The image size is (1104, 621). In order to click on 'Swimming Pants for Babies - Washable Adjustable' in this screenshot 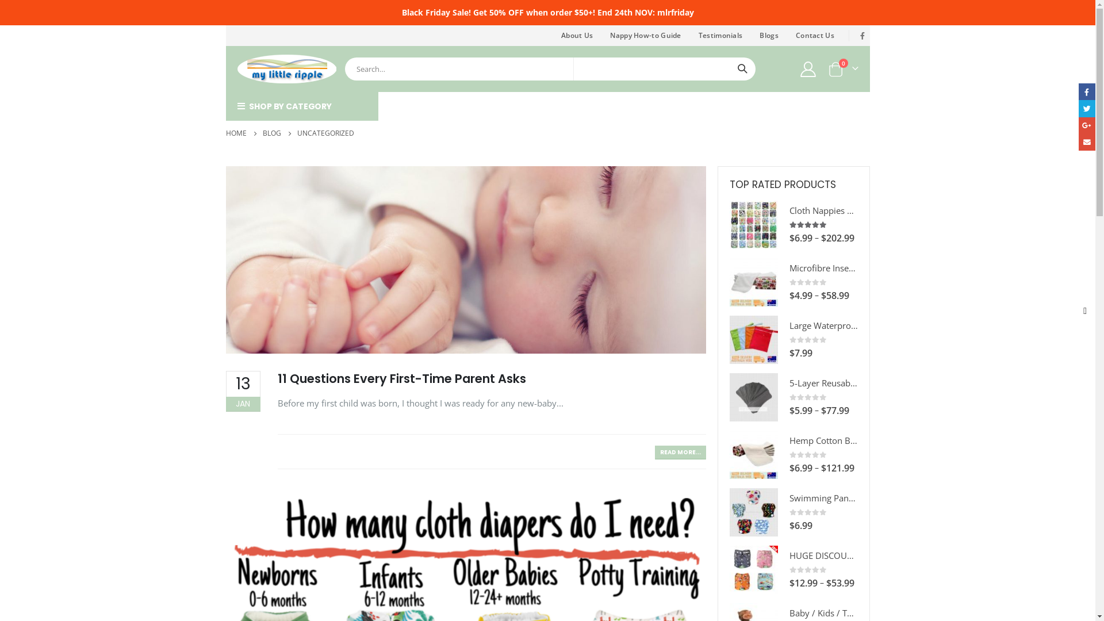, I will do `click(753, 512)`.